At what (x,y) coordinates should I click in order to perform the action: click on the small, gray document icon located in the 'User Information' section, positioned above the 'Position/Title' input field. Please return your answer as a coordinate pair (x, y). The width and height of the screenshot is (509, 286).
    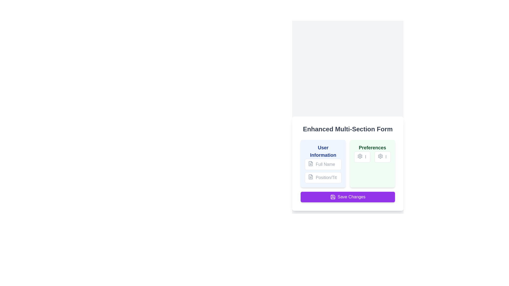
    Looking at the image, I should click on (310, 177).